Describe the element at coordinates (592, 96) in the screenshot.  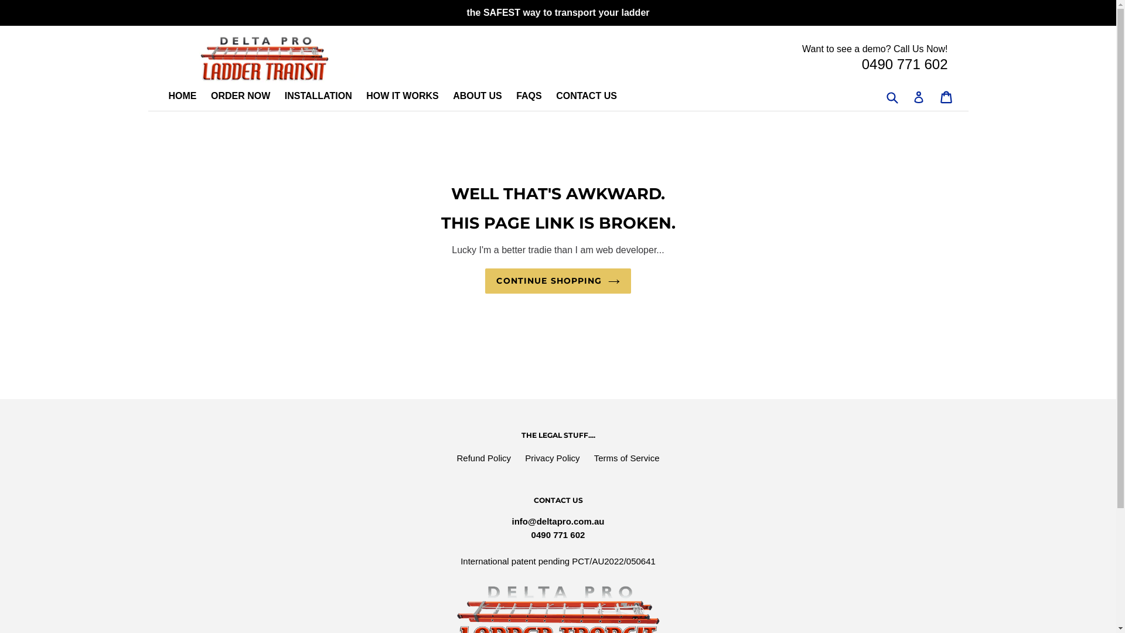
I see `'CONTACT US'` at that location.